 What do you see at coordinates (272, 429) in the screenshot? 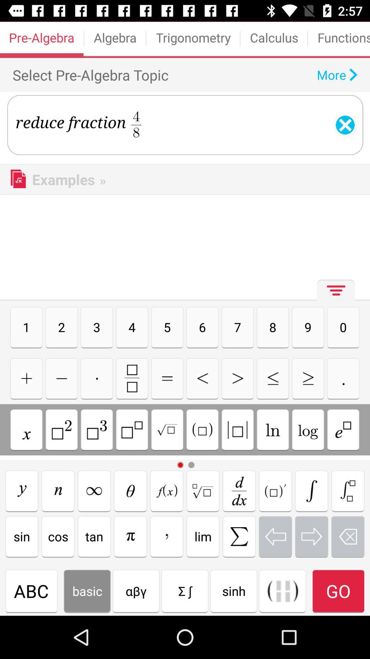
I see `ln` at bounding box center [272, 429].